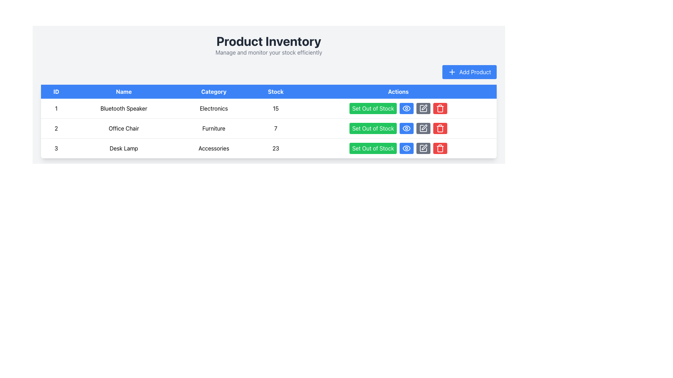  What do you see at coordinates (56, 148) in the screenshot?
I see `value of the numeral '3' displayed in bold, black font in the first column of the third row of a table under the column header 'ID'` at bounding box center [56, 148].